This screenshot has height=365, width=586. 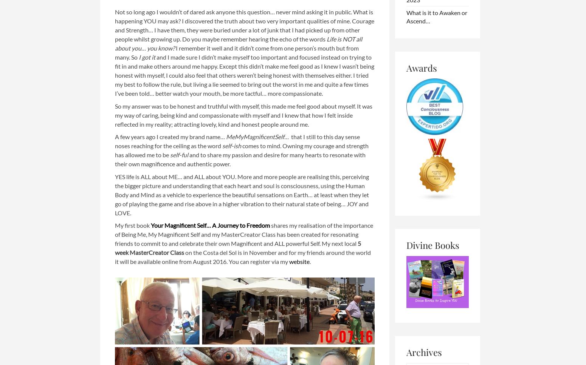 What do you see at coordinates (310, 261) in the screenshot?
I see `'.'` at bounding box center [310, 261].